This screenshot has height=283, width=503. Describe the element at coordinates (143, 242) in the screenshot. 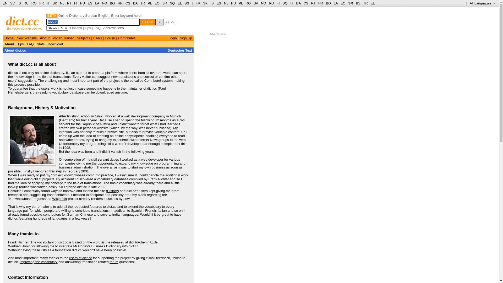

I see `'dict.tu-chemnitz.de'` at that location.